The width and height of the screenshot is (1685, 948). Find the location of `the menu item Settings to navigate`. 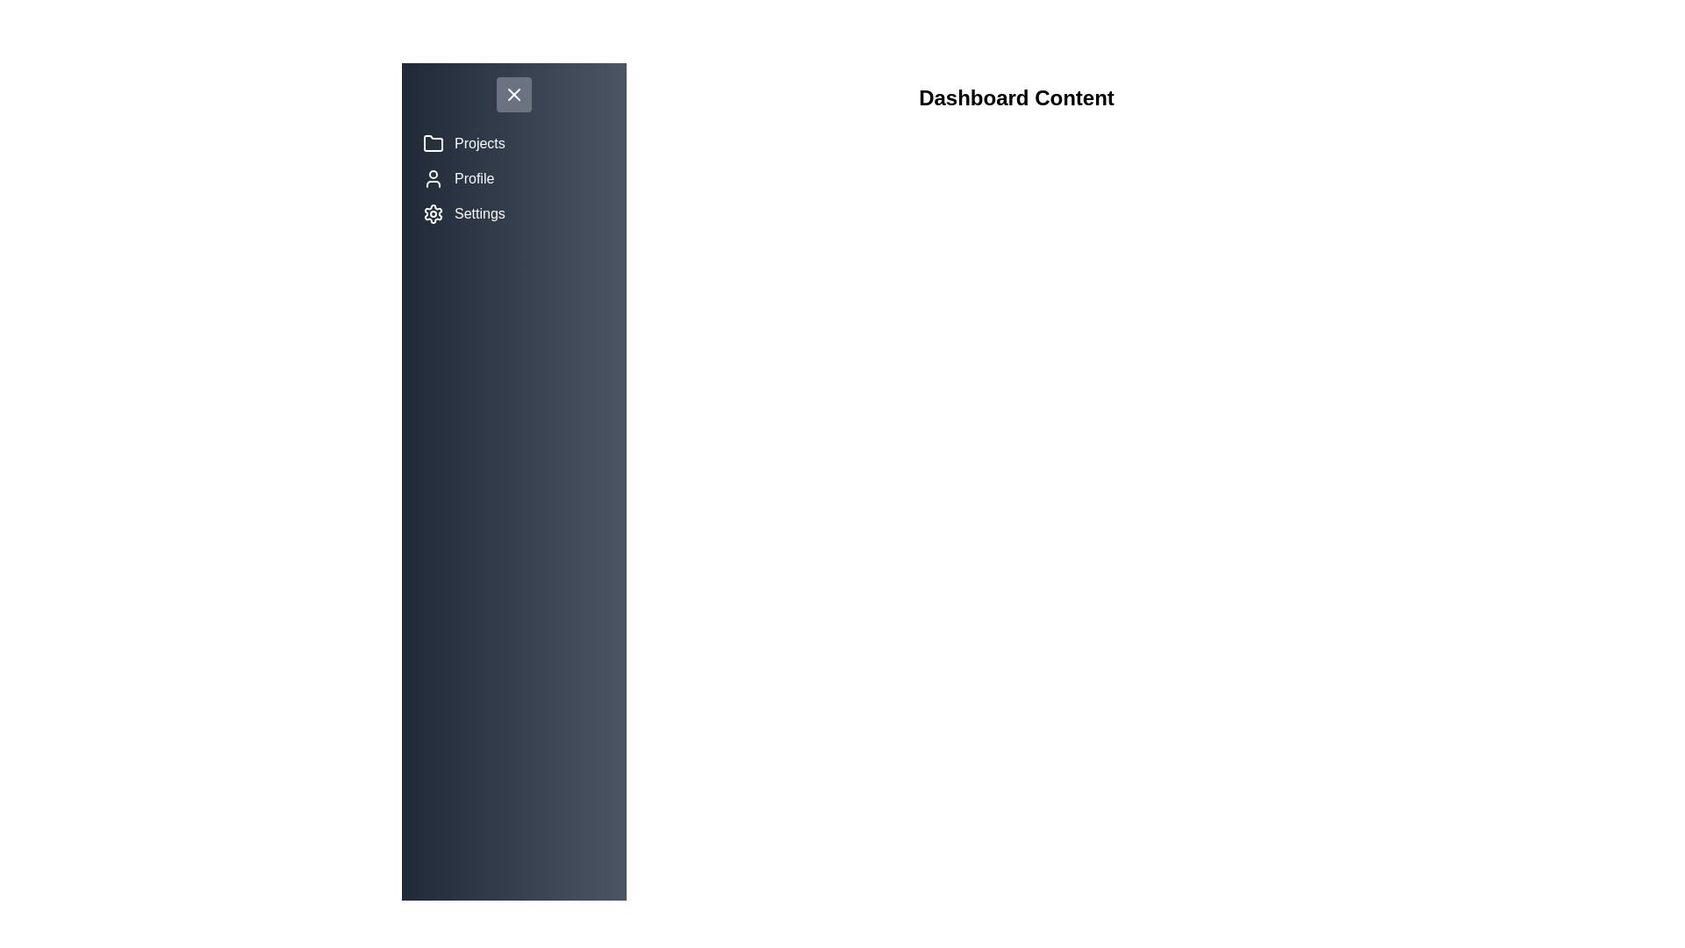

the menu item Settings to navigate is located at coordinates (513, 212).